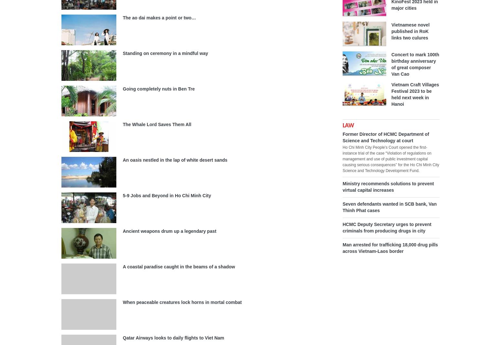  I want to click on 'An oasis nestled in the lap of white desert sands', so click(123, 159).